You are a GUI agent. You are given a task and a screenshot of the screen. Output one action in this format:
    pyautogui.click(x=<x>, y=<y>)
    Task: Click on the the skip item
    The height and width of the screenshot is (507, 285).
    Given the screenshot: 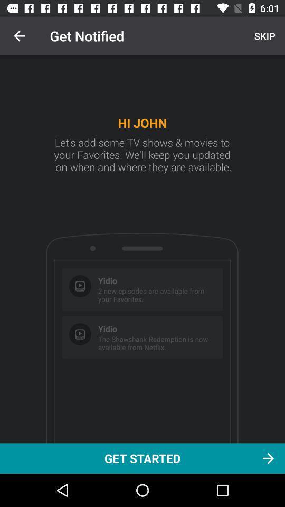 What is the action you would take?
    pyautogui.click(x=263, y=36)
    